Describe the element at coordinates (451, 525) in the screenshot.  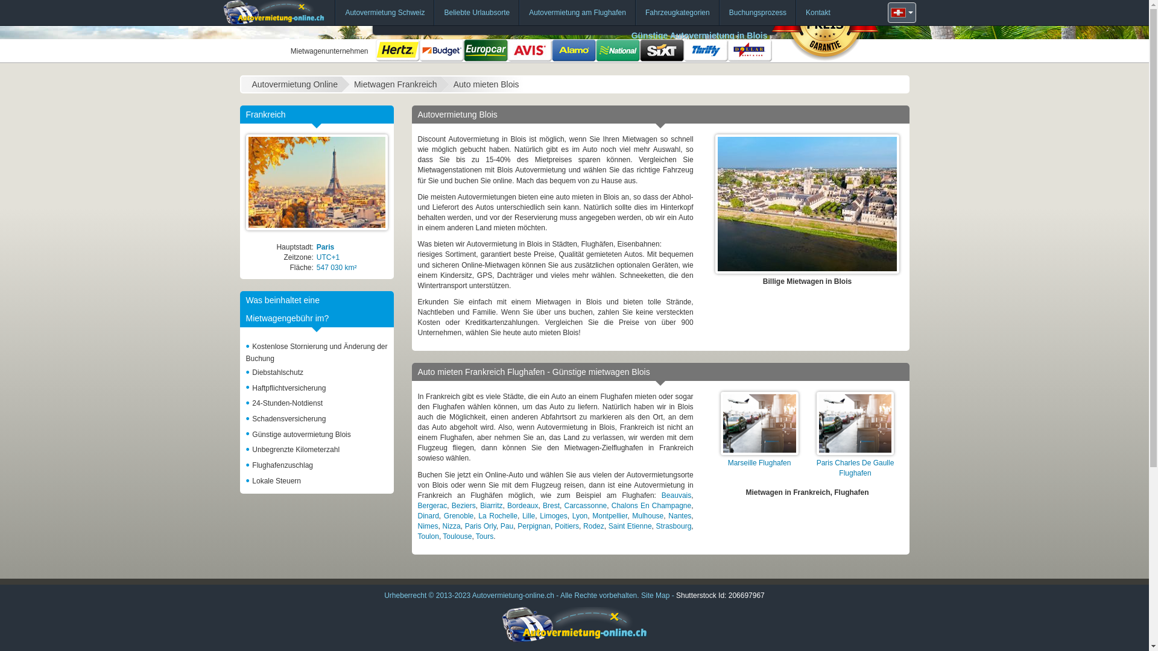
I see `'Nizza'` at that location.